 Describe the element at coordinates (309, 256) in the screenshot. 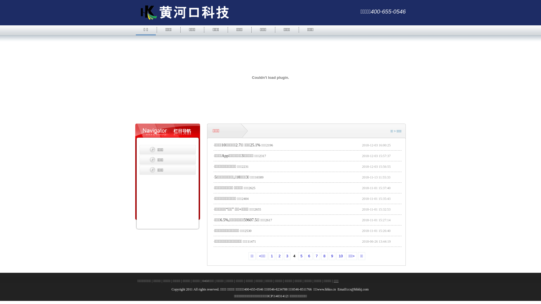

I see `'6'` at that location.